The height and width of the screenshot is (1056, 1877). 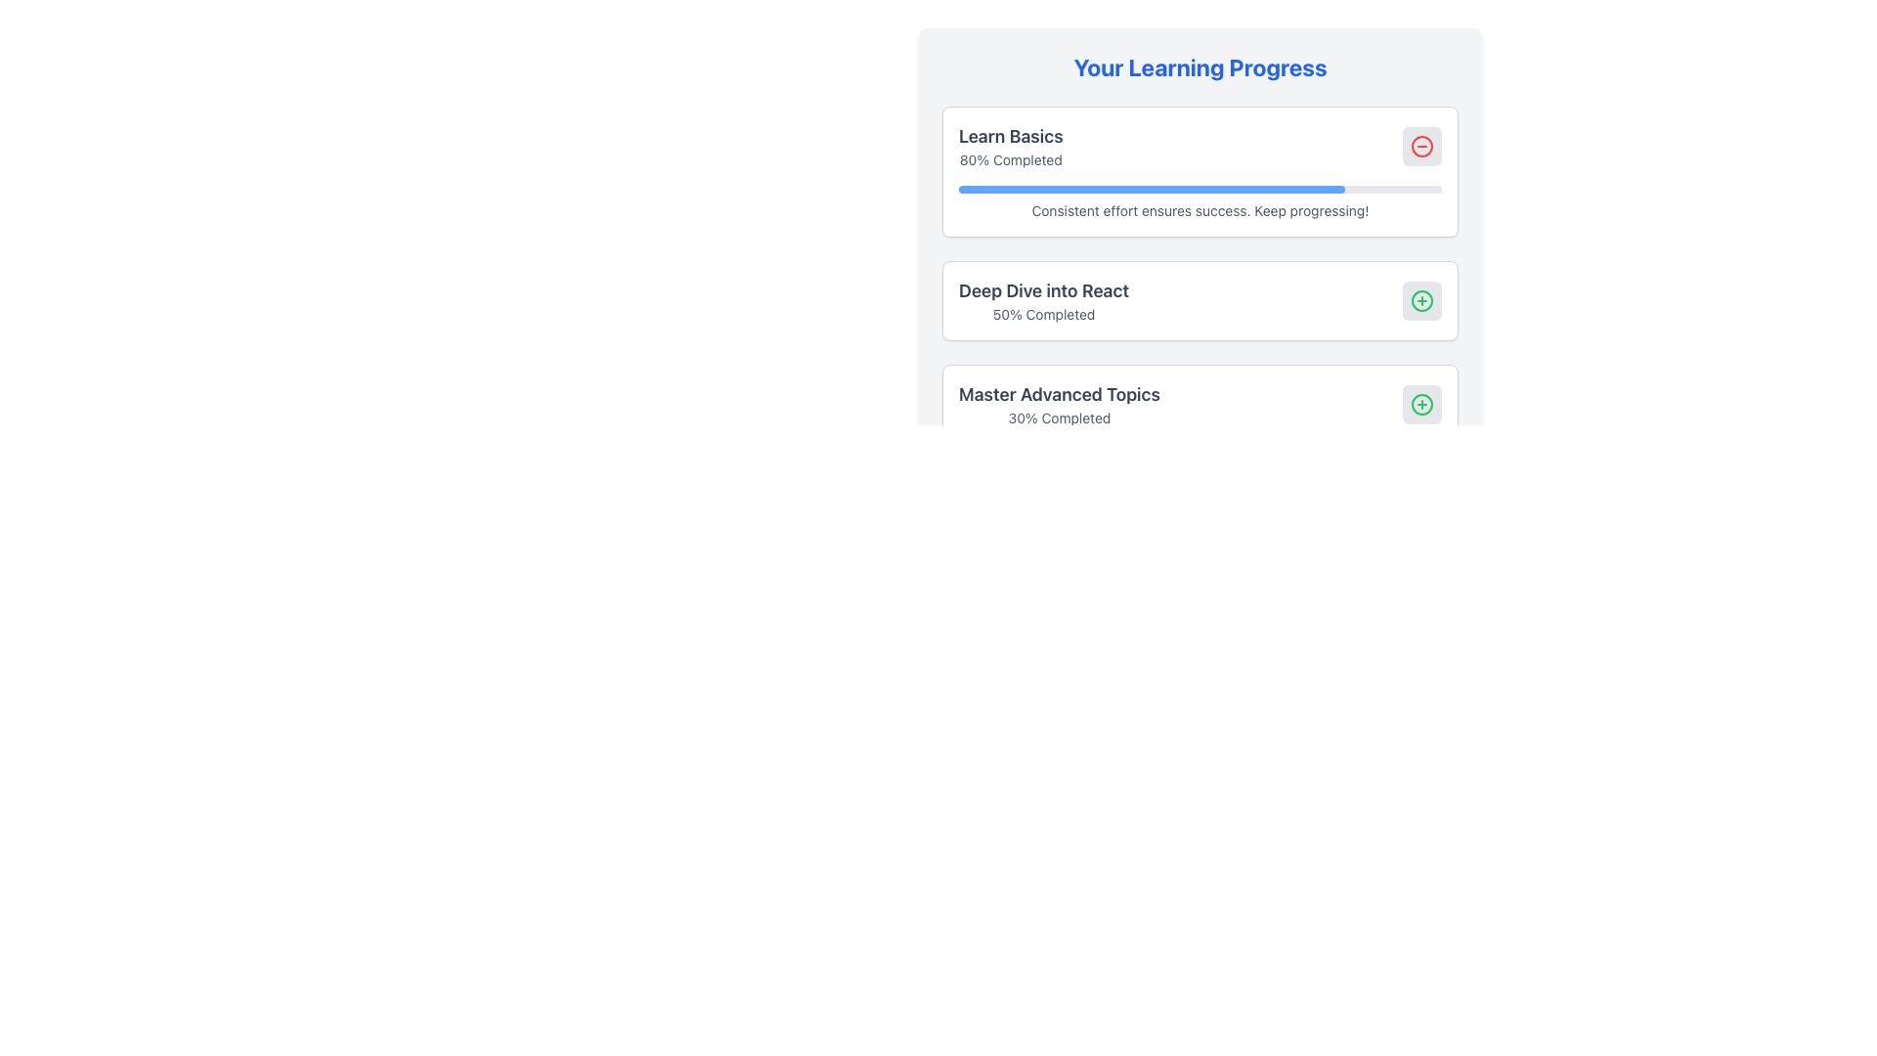 I want to click on the text label displaying '50% Completed', which is located beneath the title 'Deep Dive into React' in a progress tracking interface, so click(x=1043, y=313).